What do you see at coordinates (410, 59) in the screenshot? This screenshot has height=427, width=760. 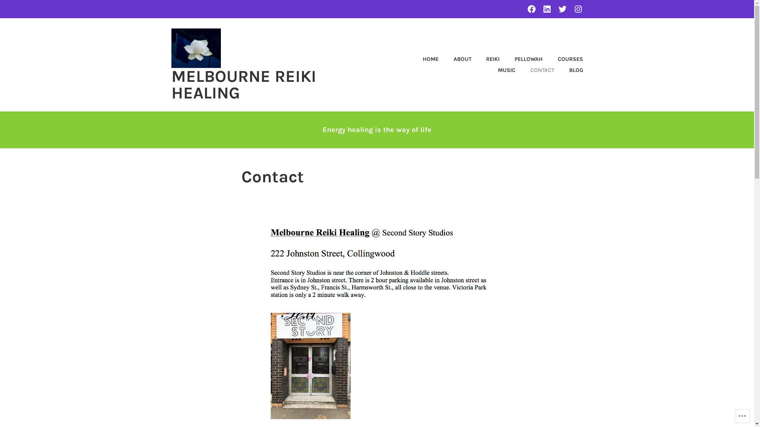 I see `'HOME'` at bounding box center [410, 59].